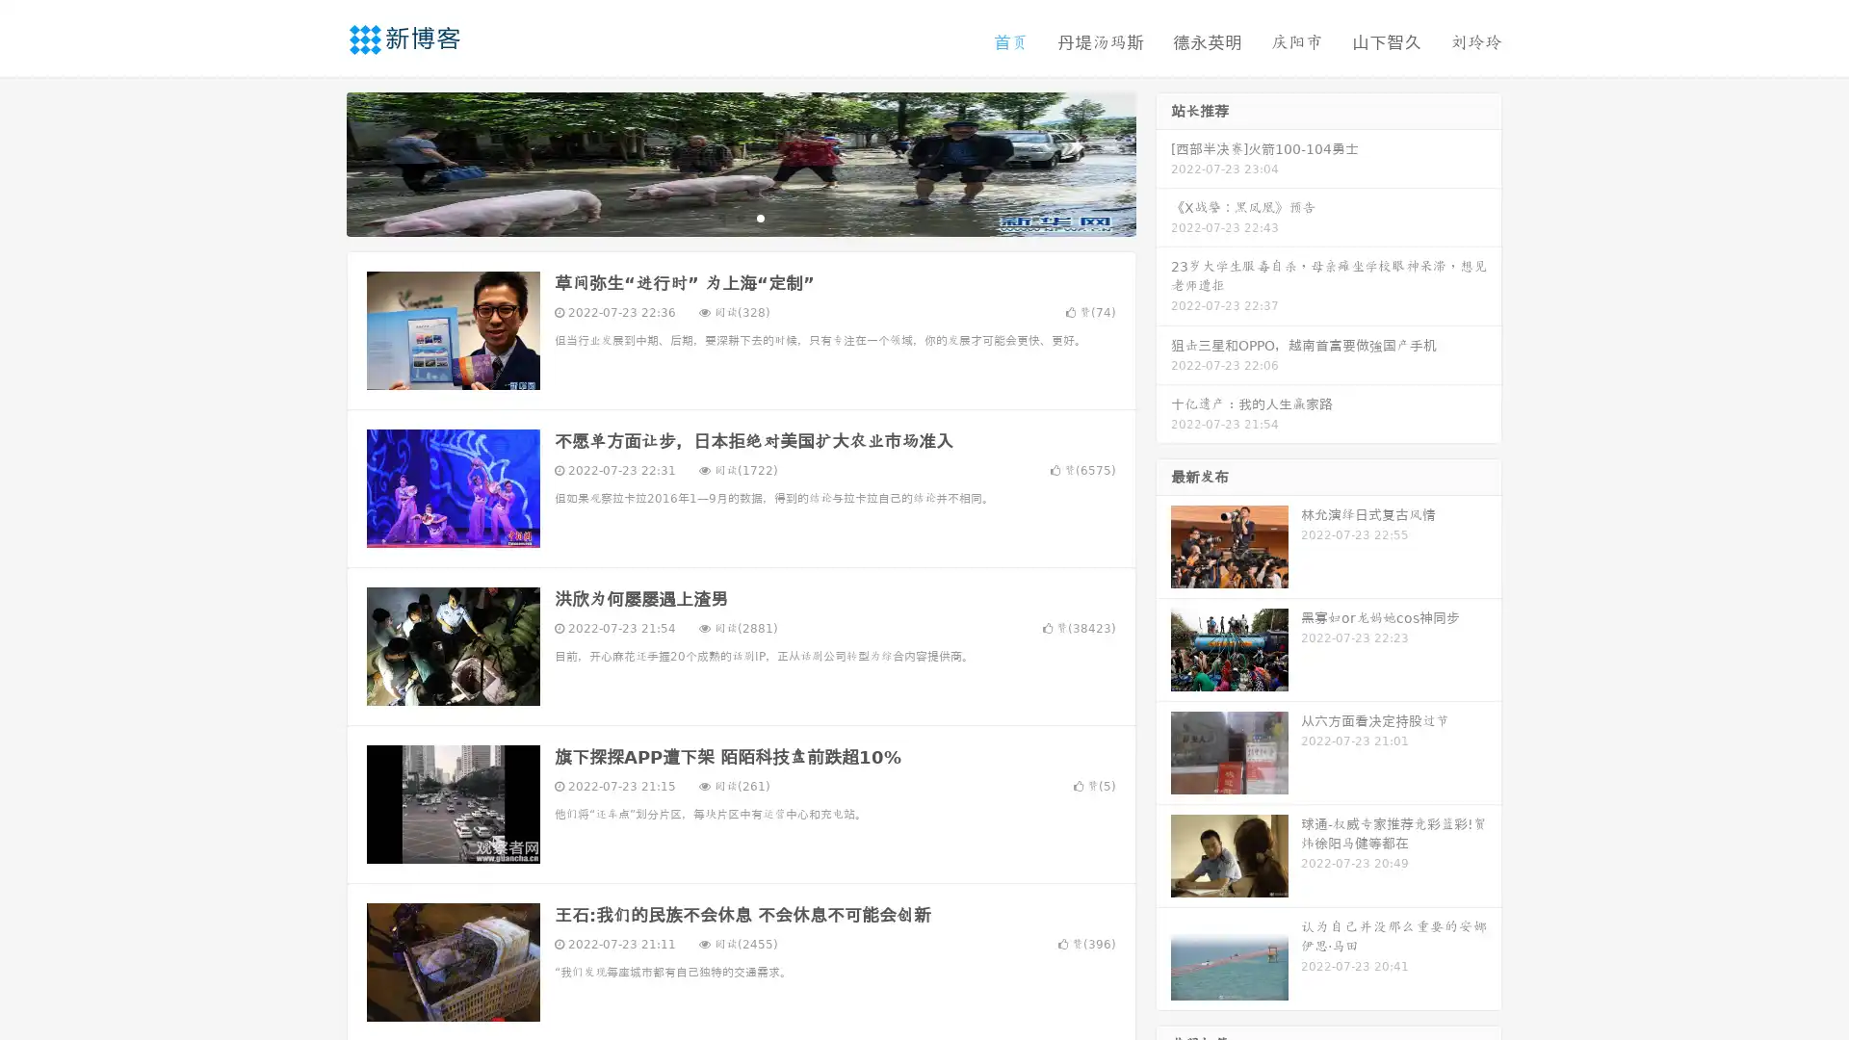  What do you see at coordinates (720, 217) in the screenshot?
I see `Go to slide 1` at bounding box center [720, 217].